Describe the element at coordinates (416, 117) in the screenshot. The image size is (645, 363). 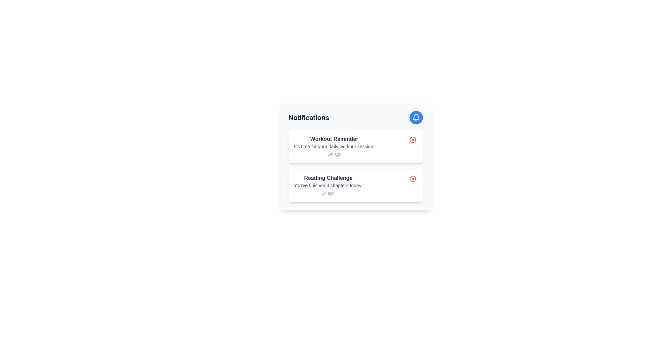
I see `the bell icon button located in the top-right corner of the Notifications panel` at that location.